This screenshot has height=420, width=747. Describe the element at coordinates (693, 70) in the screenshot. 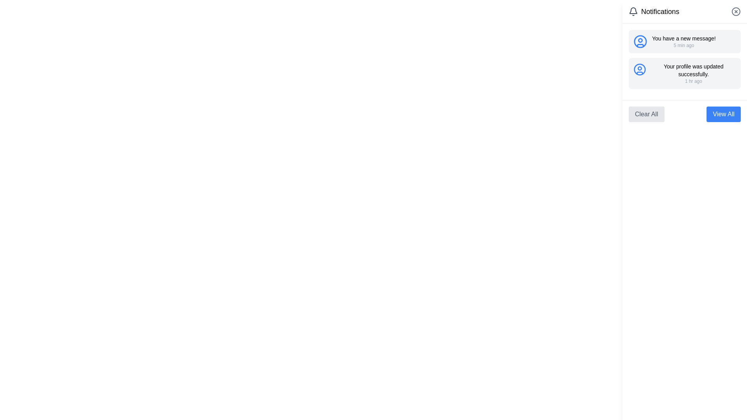

I see `the text display element that shows 'Your profile was updated successfully.' in a notification card located in the right sidebar` at that location.